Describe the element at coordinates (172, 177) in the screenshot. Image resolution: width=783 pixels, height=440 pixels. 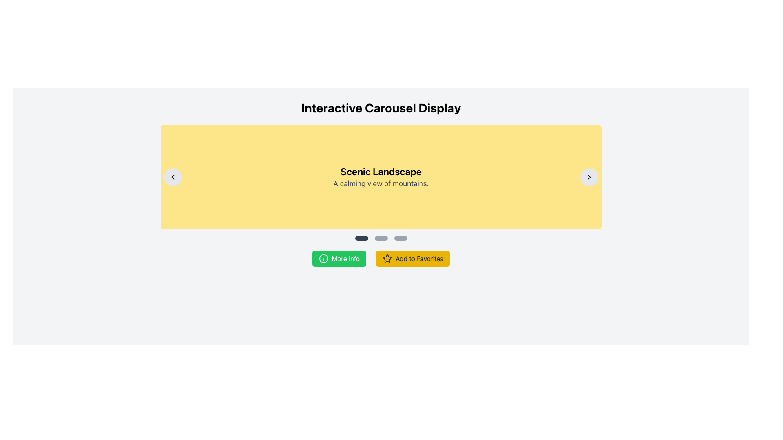
I see `the left arrow icon navigation button` at that location.